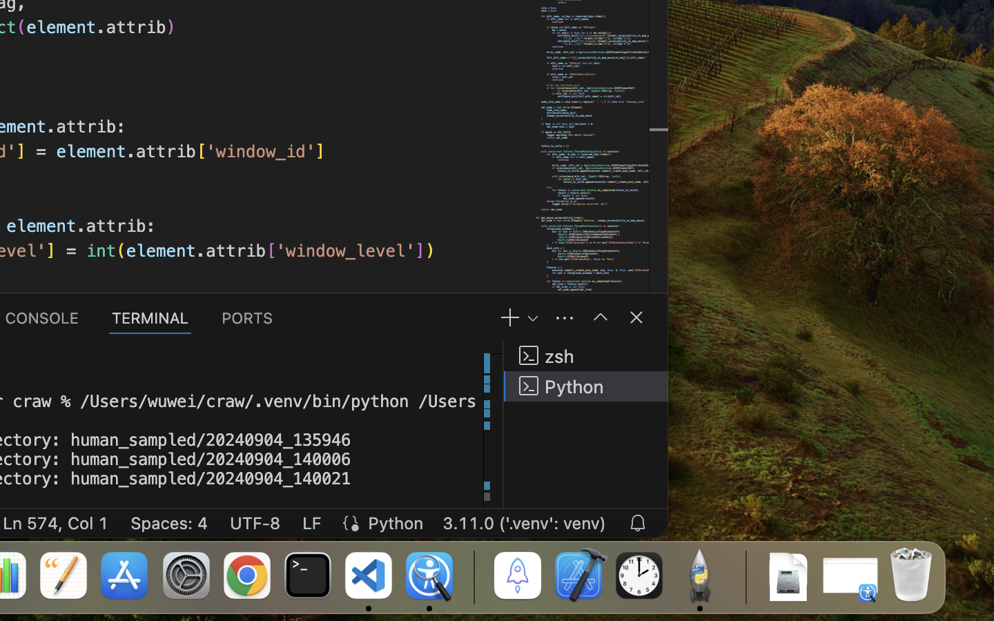  I want to click on '0.4285714328289032', so click(473, 576).